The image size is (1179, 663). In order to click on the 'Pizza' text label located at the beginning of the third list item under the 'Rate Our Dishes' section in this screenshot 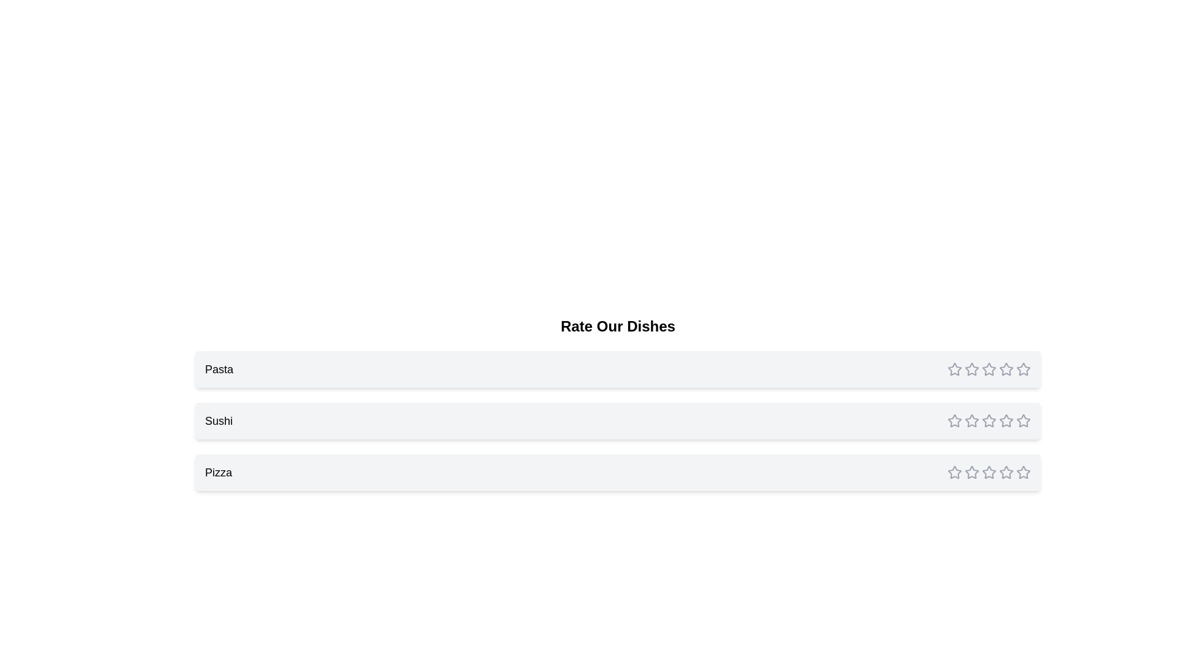, I will do `click(218, 472)`.